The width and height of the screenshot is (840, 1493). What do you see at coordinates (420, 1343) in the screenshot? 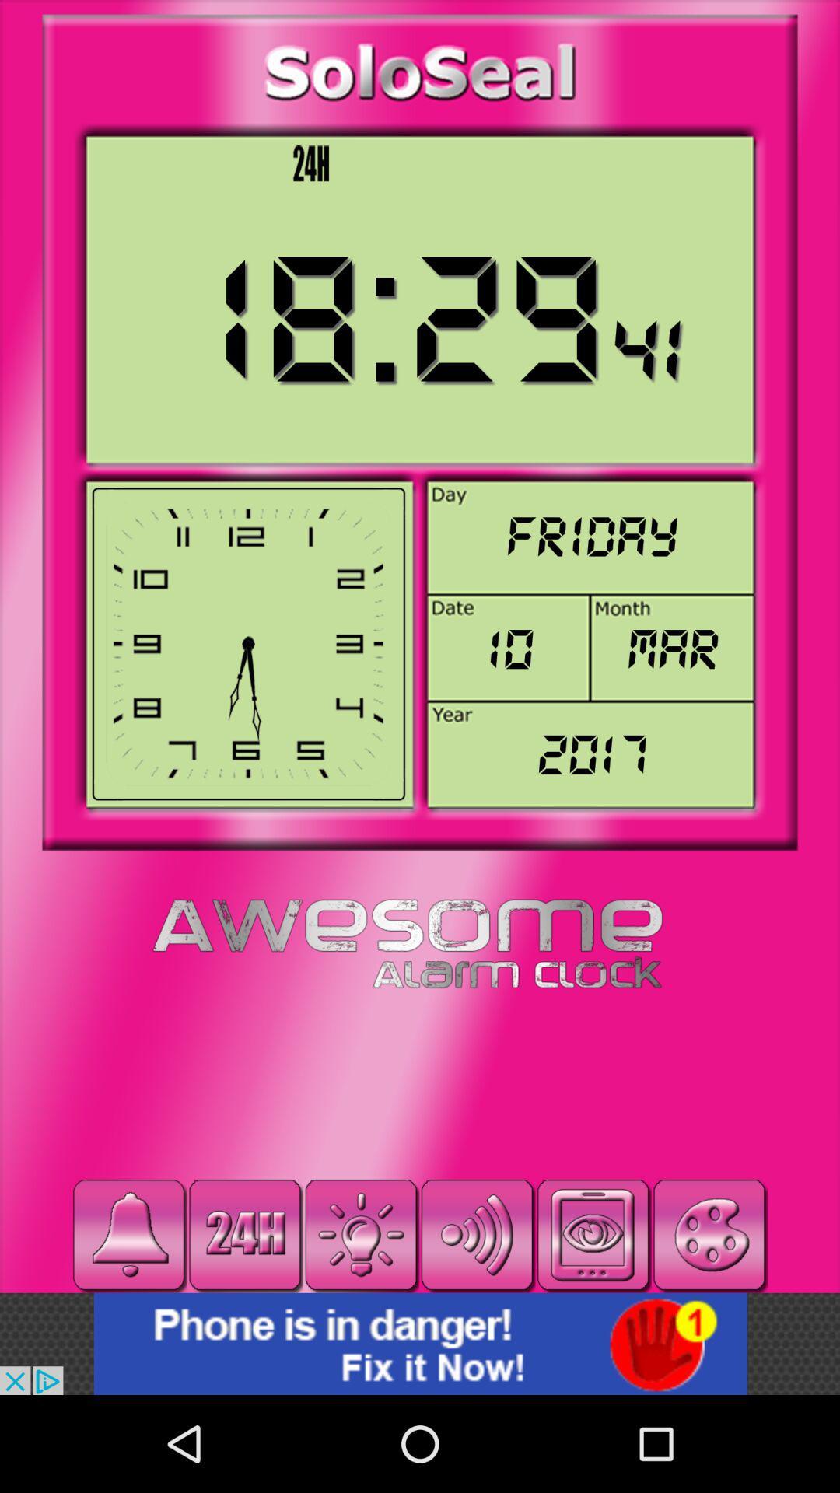
I see `advertisement` at bounding box center [420, 1343].